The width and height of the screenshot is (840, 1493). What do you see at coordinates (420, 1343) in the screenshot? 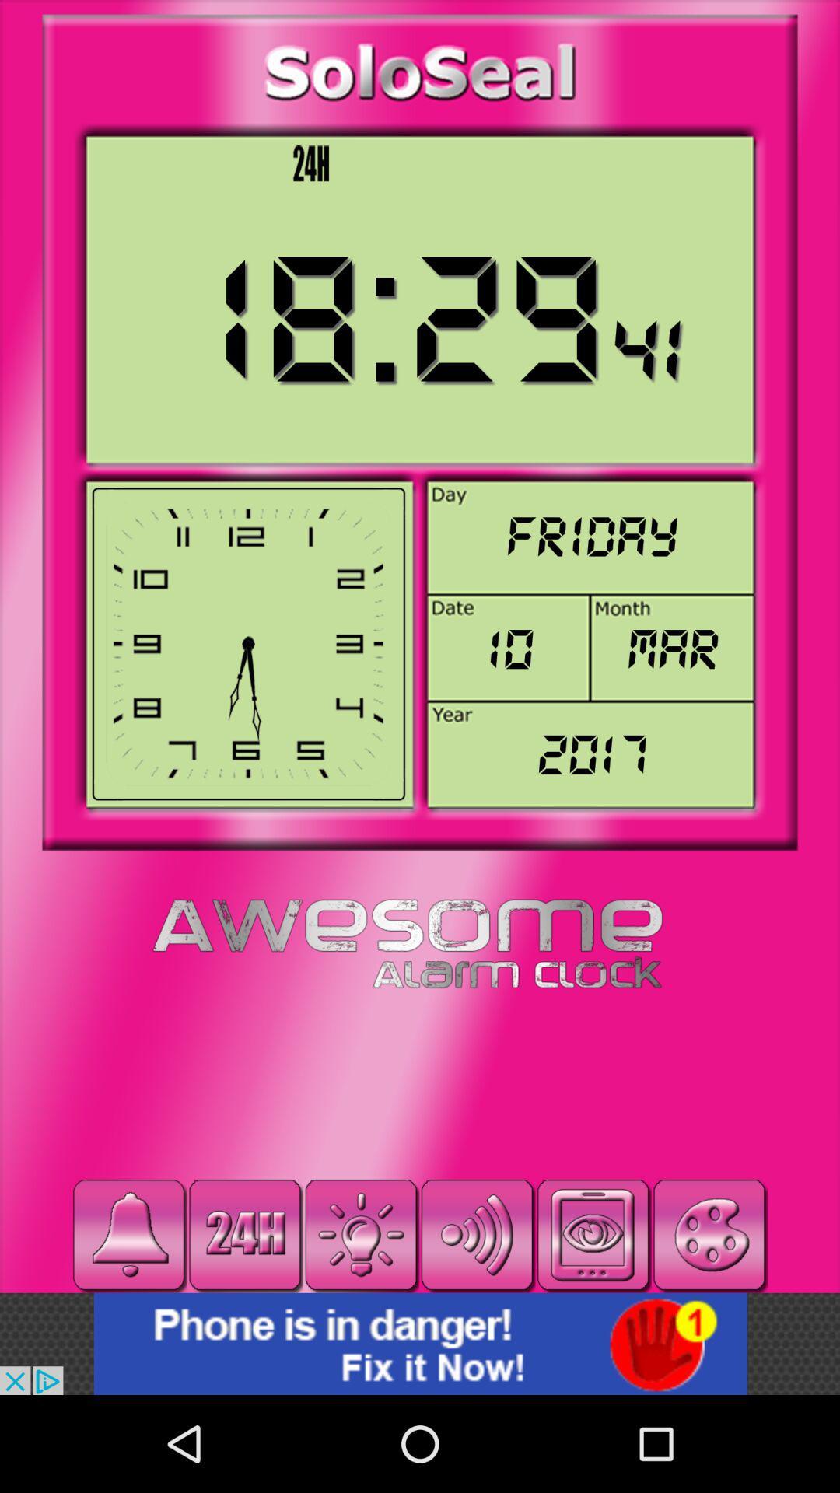
I see `advertisement` at bounding box center [420, 1343].